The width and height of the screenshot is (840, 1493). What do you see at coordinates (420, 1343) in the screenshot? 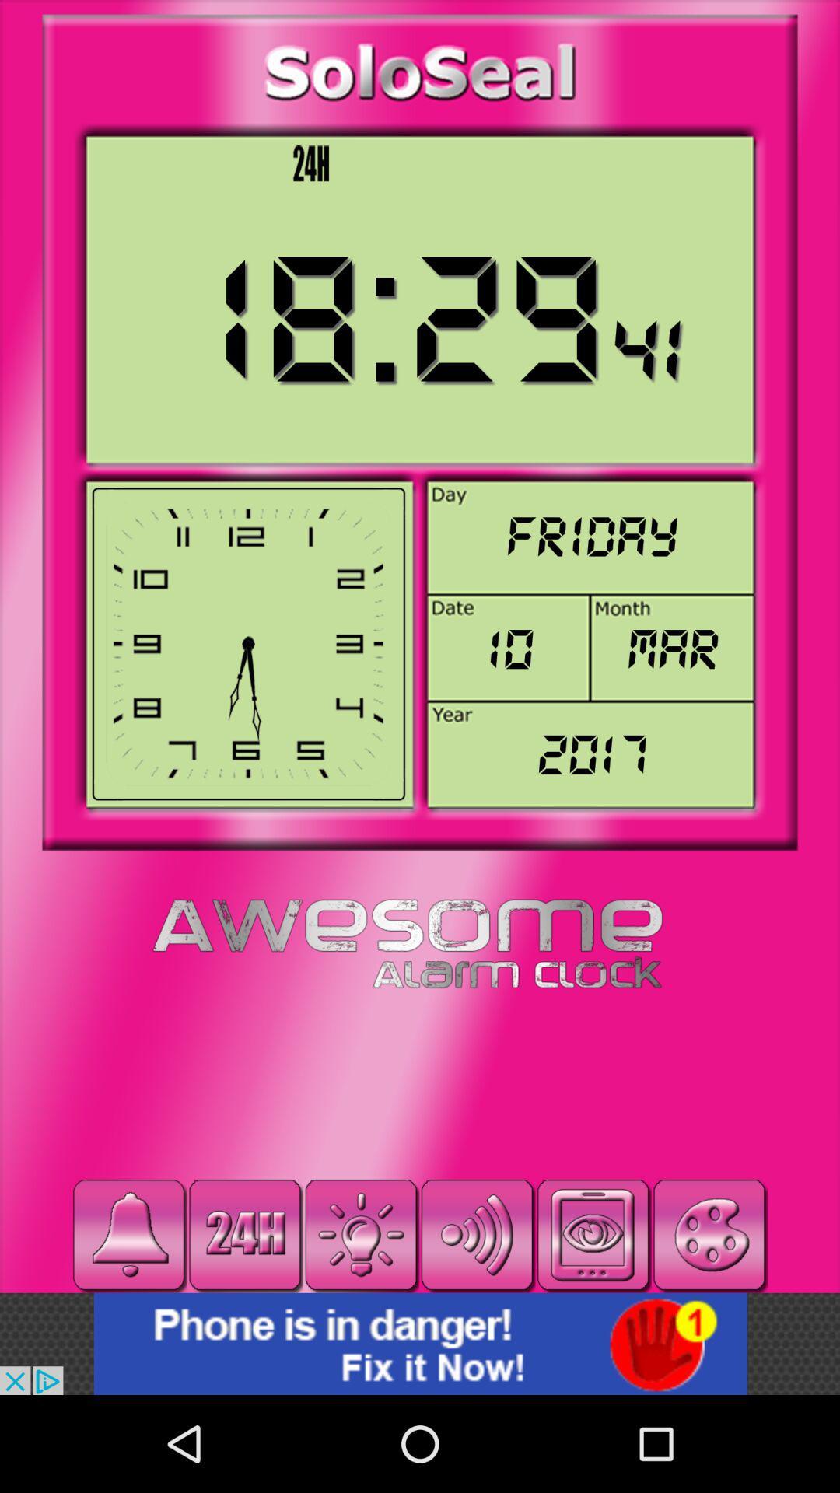
I see `advertisement` at bounding box center [420, 1343].